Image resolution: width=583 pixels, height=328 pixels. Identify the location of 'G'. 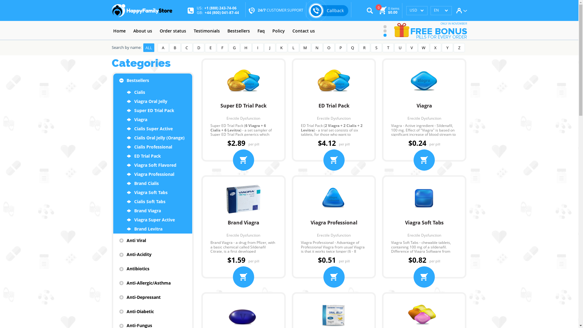
(234, 47).